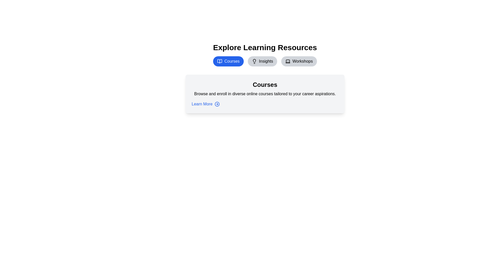 This screenshot has height=275, width=490. I want to click on the Workshops tab, so click(299, 61).